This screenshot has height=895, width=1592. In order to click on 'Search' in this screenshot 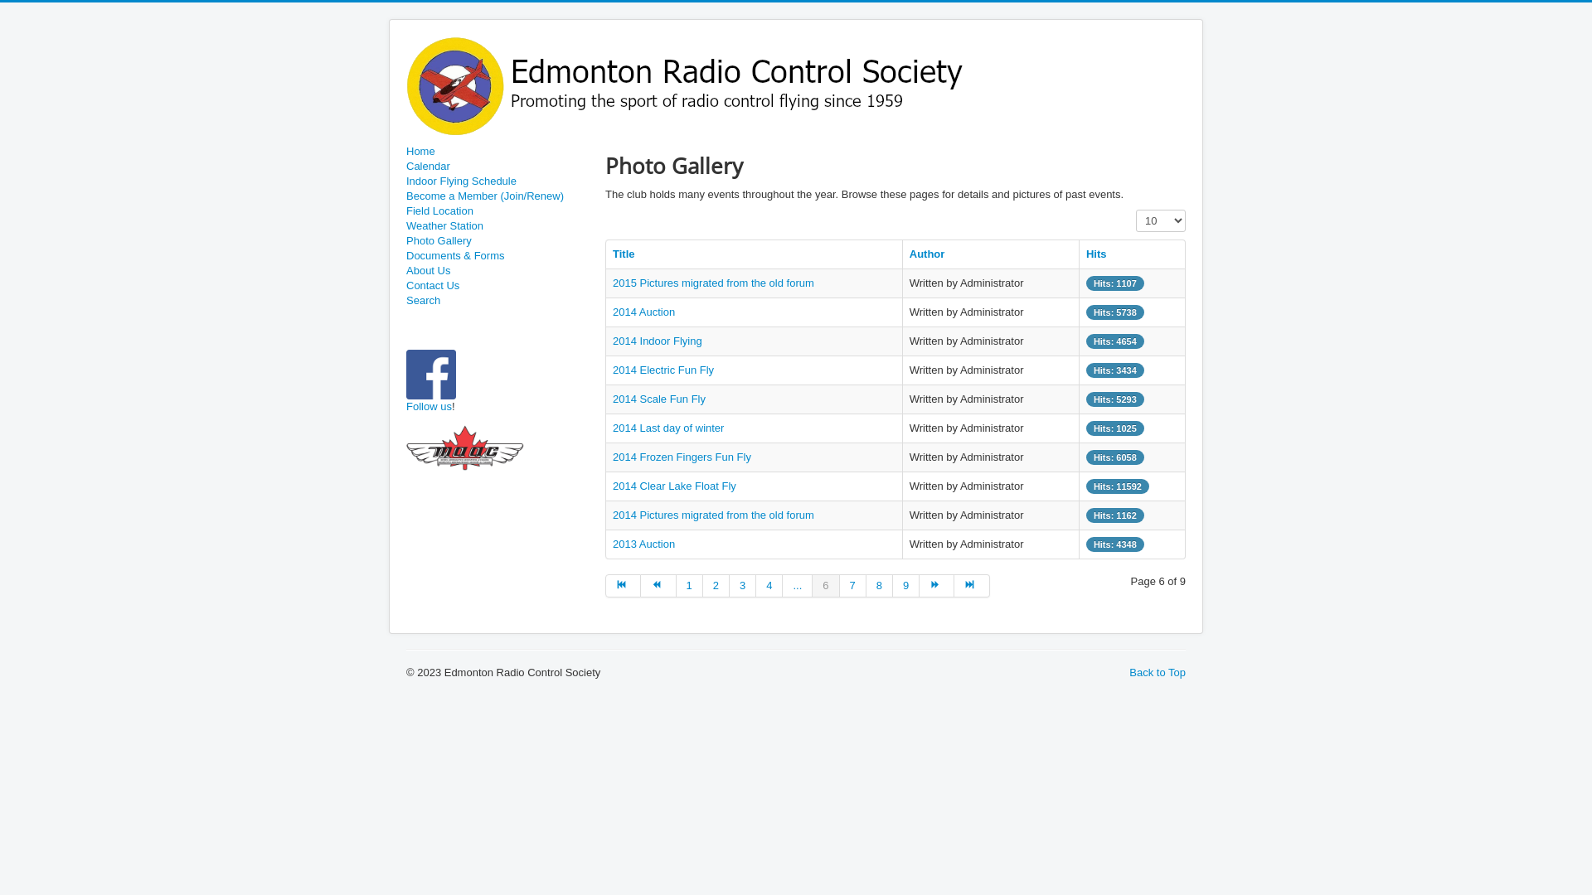, I will do `click(497, 300)`.